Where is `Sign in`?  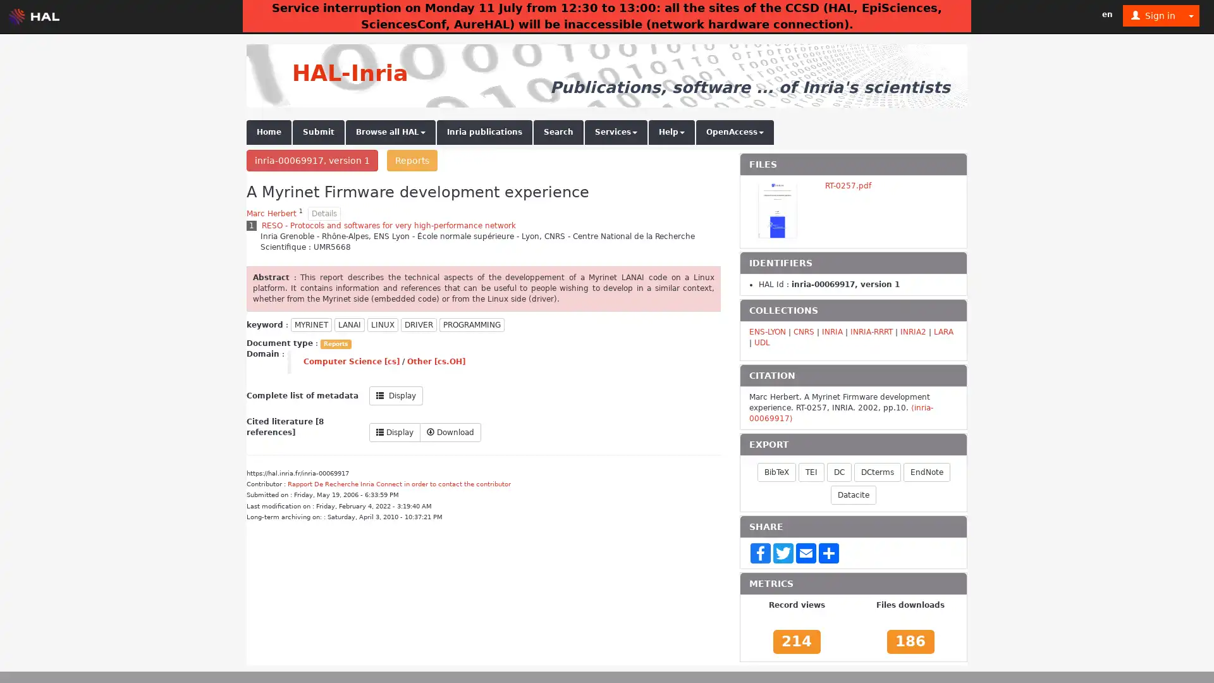 Sign in is located at coordinates (1153, 15).